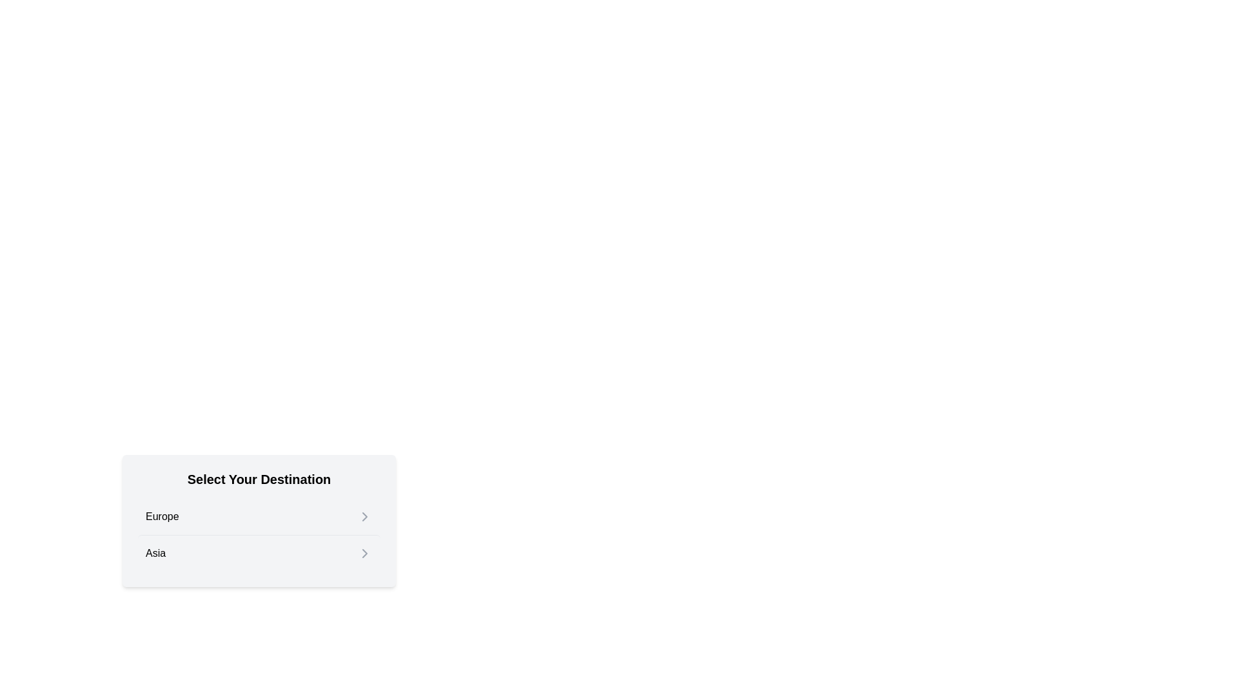 The image size is (1238, 696). I want to click on the right-pointing arrow icon next to the 'Asia' label in the selection menu titled 'Select Your Destination', so click(364, 553).